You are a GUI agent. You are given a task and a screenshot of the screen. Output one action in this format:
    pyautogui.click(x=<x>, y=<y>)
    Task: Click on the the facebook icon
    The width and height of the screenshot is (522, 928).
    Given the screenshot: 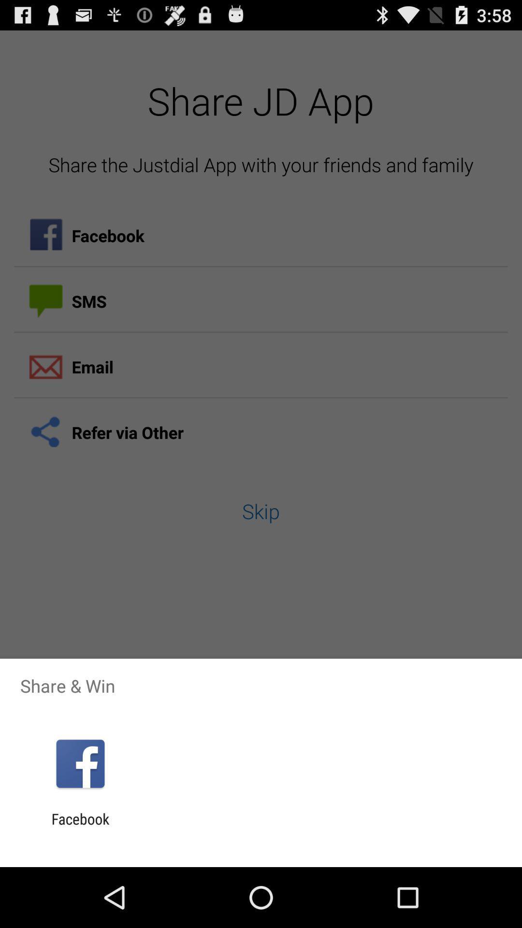 What is the action you would take?
    pyautogui.click(x=80, y=827)
    